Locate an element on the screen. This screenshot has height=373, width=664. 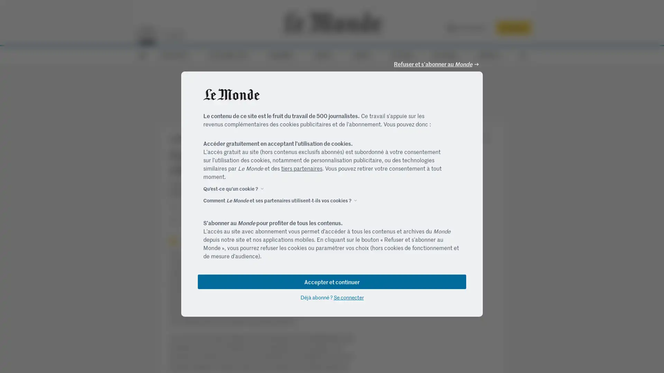
ECONOMIE is located at coordinates (284, 55).